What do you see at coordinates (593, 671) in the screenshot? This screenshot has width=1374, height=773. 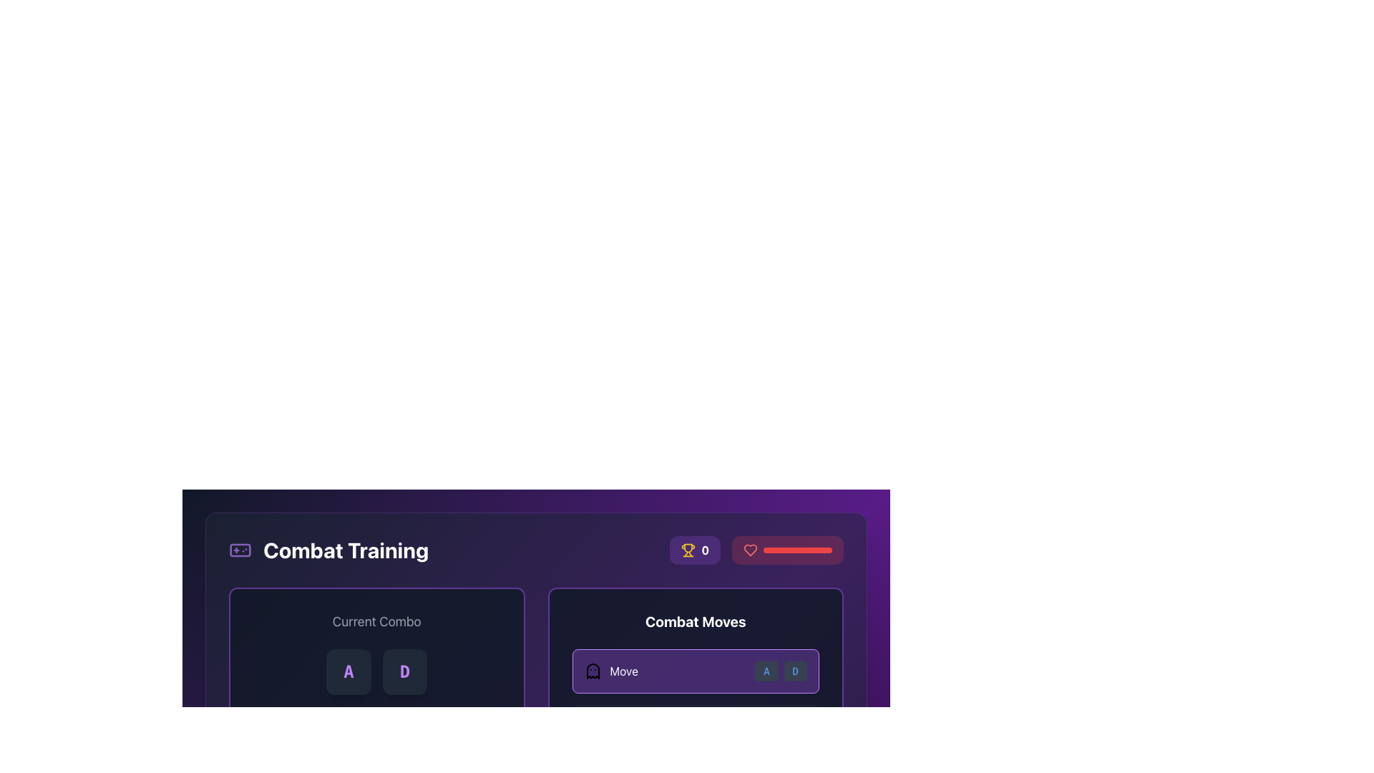 I see `the decorative 'Move' action icon located in the 'Combat Moves' section's SVG, positioned before the text 'Move'` at bounding box center [593, 671].